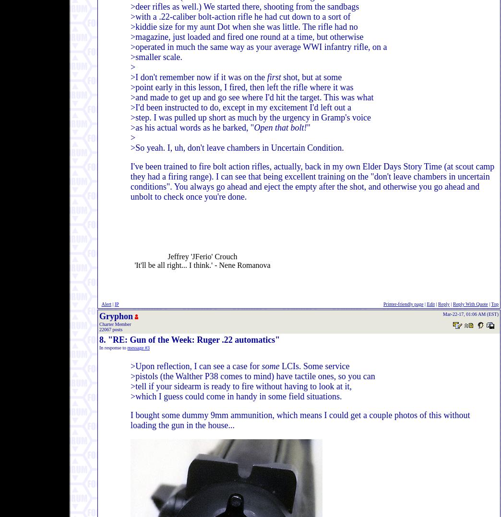 This screenshot has width=501, height=517. I want to click on 'I've been trained to fire bolt action rifles, actually, back in my own Elder Days Story Time (at scout camp they had a firing range). I can see that being excellent training on the "don't leave chambers in uncertain conditions". You always go ahead and eject the empty after the shot, and otherwise you go ahead and unbolt to check once you're done.', so click(312, 181).